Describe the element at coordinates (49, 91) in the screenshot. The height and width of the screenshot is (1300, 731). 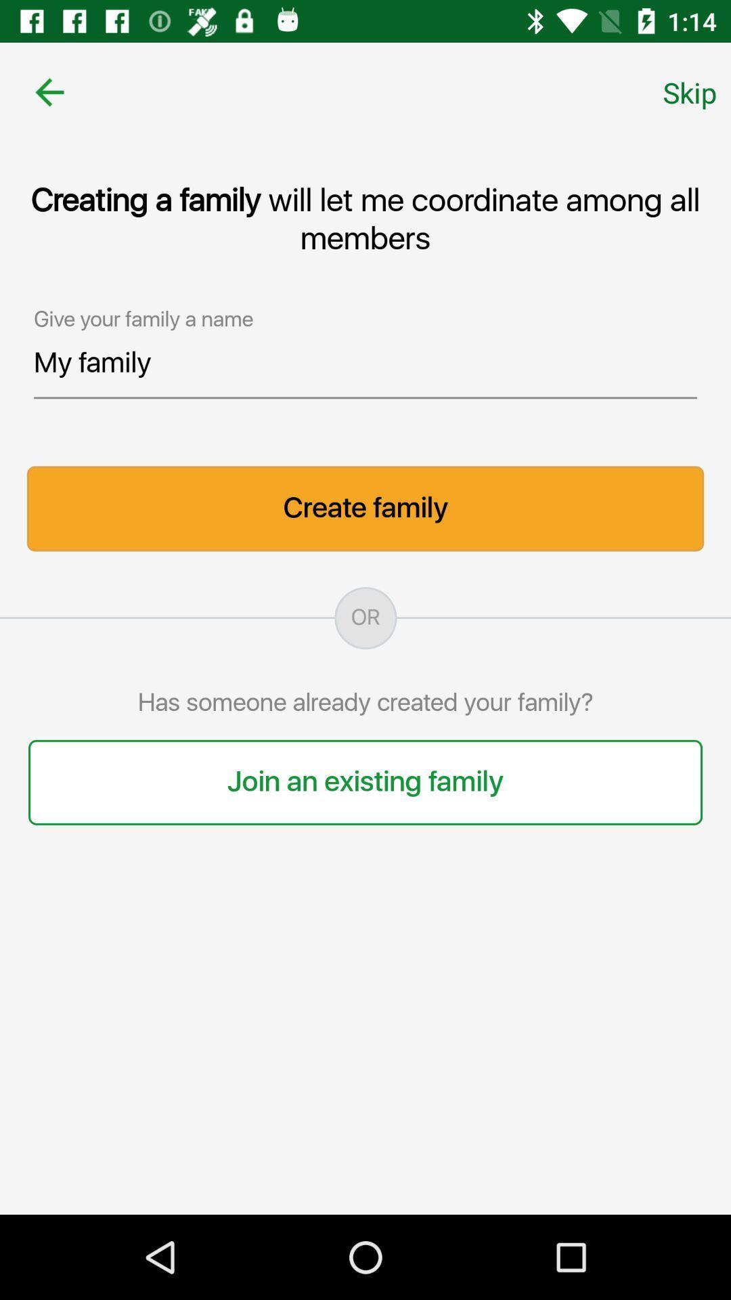
I see `the icon next to skip icon` at that location.